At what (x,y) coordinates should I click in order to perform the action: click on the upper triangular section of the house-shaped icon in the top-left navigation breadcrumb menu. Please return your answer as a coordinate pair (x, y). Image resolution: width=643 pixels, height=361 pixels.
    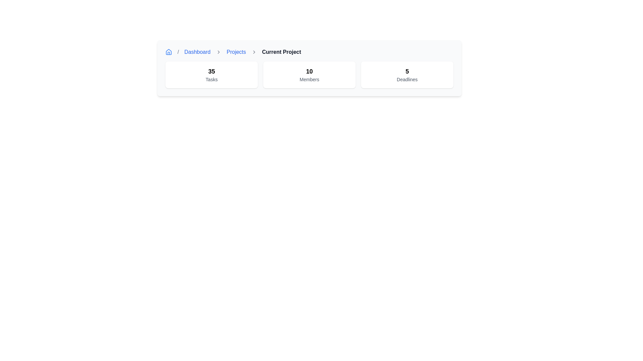
    Looking at the image, I should click on (169, 51).